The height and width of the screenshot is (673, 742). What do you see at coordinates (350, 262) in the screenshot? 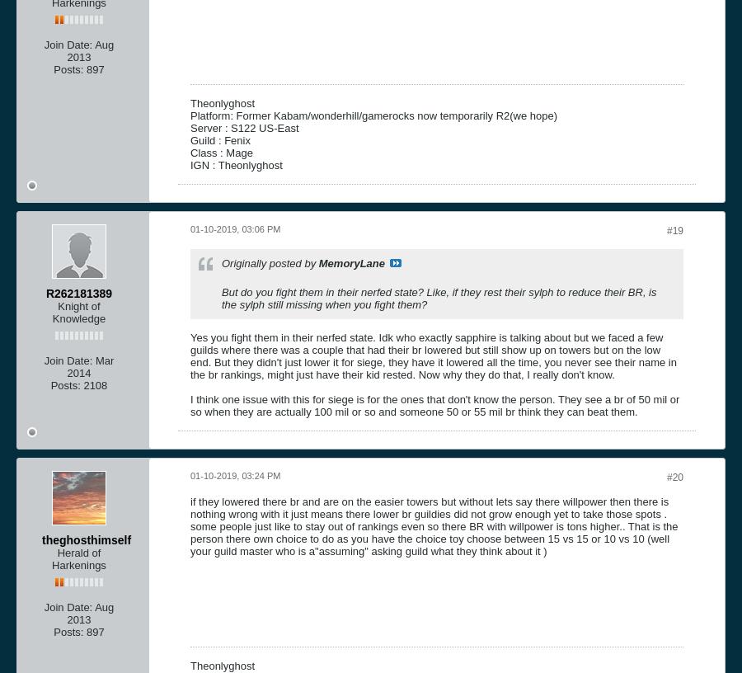
I see `'MemoryLane'` at bounding box center [350, 262].